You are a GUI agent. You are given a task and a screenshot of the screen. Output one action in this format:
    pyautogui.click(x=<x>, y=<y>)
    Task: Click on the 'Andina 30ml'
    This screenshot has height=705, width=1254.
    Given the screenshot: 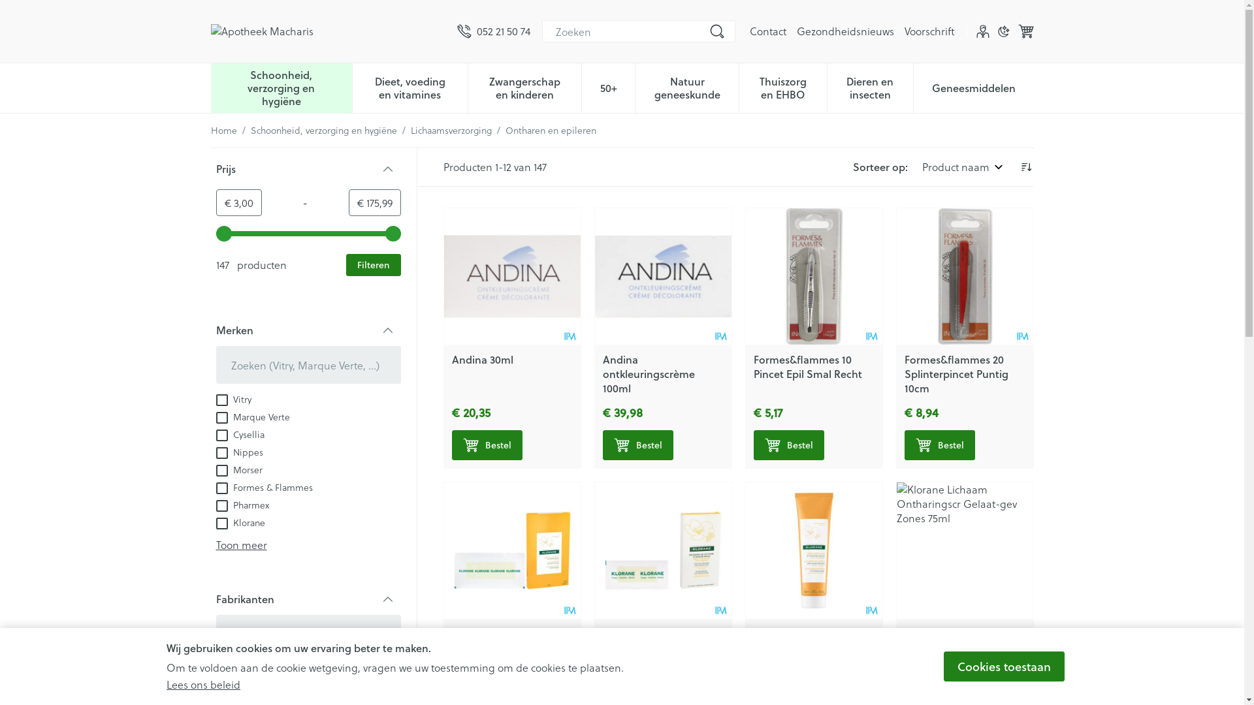 What is the action you would take?
    pyautogui.click(x=482, y=359)
    